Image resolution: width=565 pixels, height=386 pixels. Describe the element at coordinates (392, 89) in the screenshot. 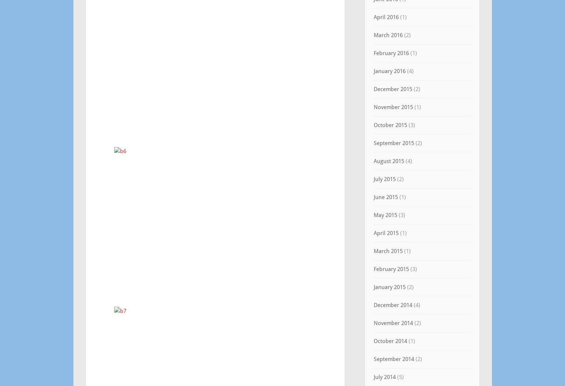

I see `'December 2015'` at that location.